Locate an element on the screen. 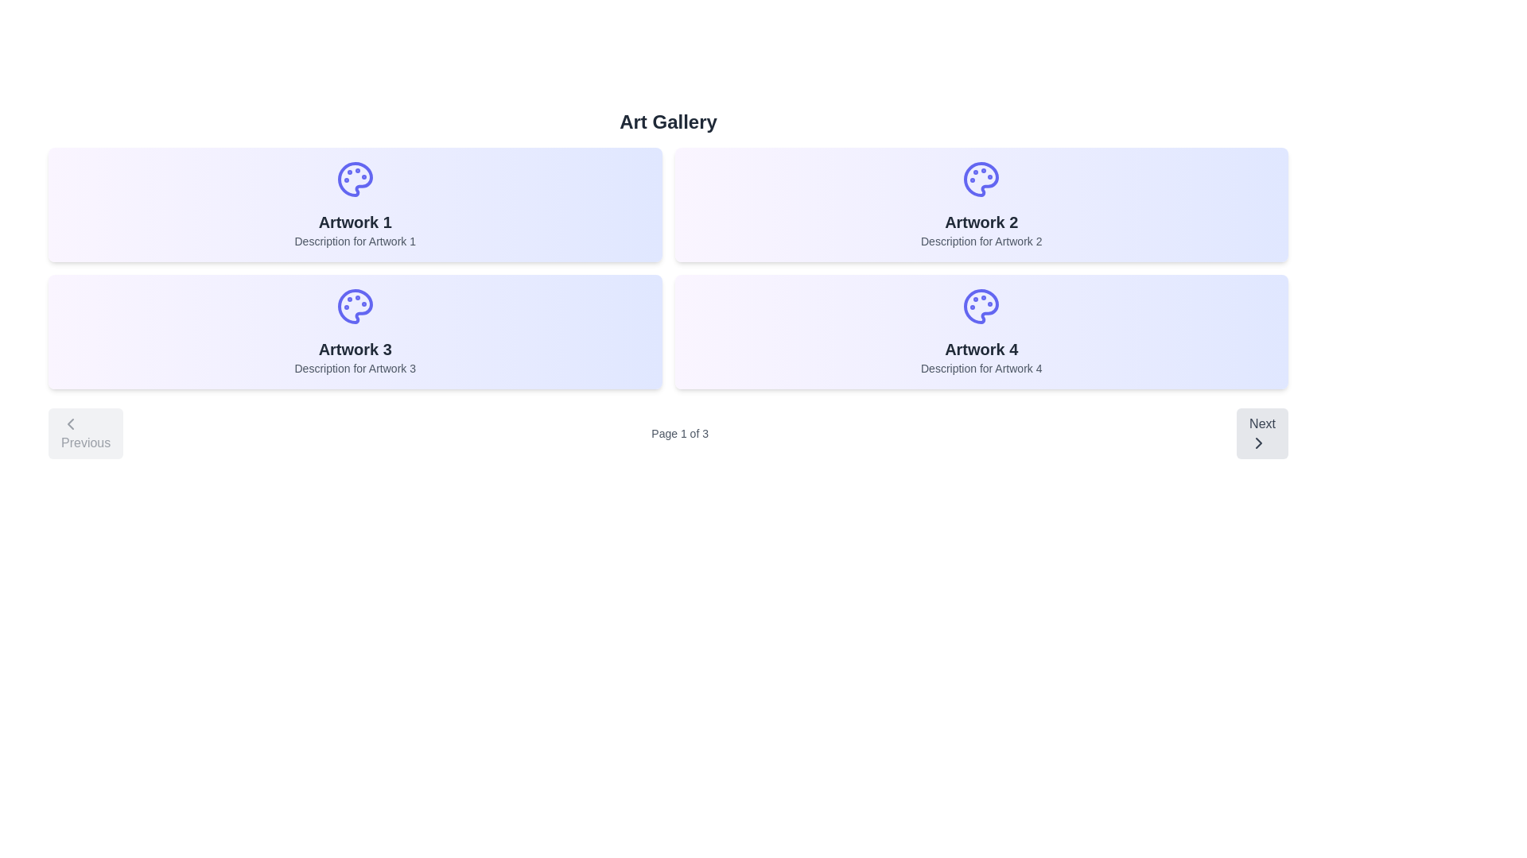 The image size is (1527, 858). the palette icon element located within the 'Artwork 3' card in the second row of the grid, characterized by its circular form and violet shade is located at coordinates (354, 306).